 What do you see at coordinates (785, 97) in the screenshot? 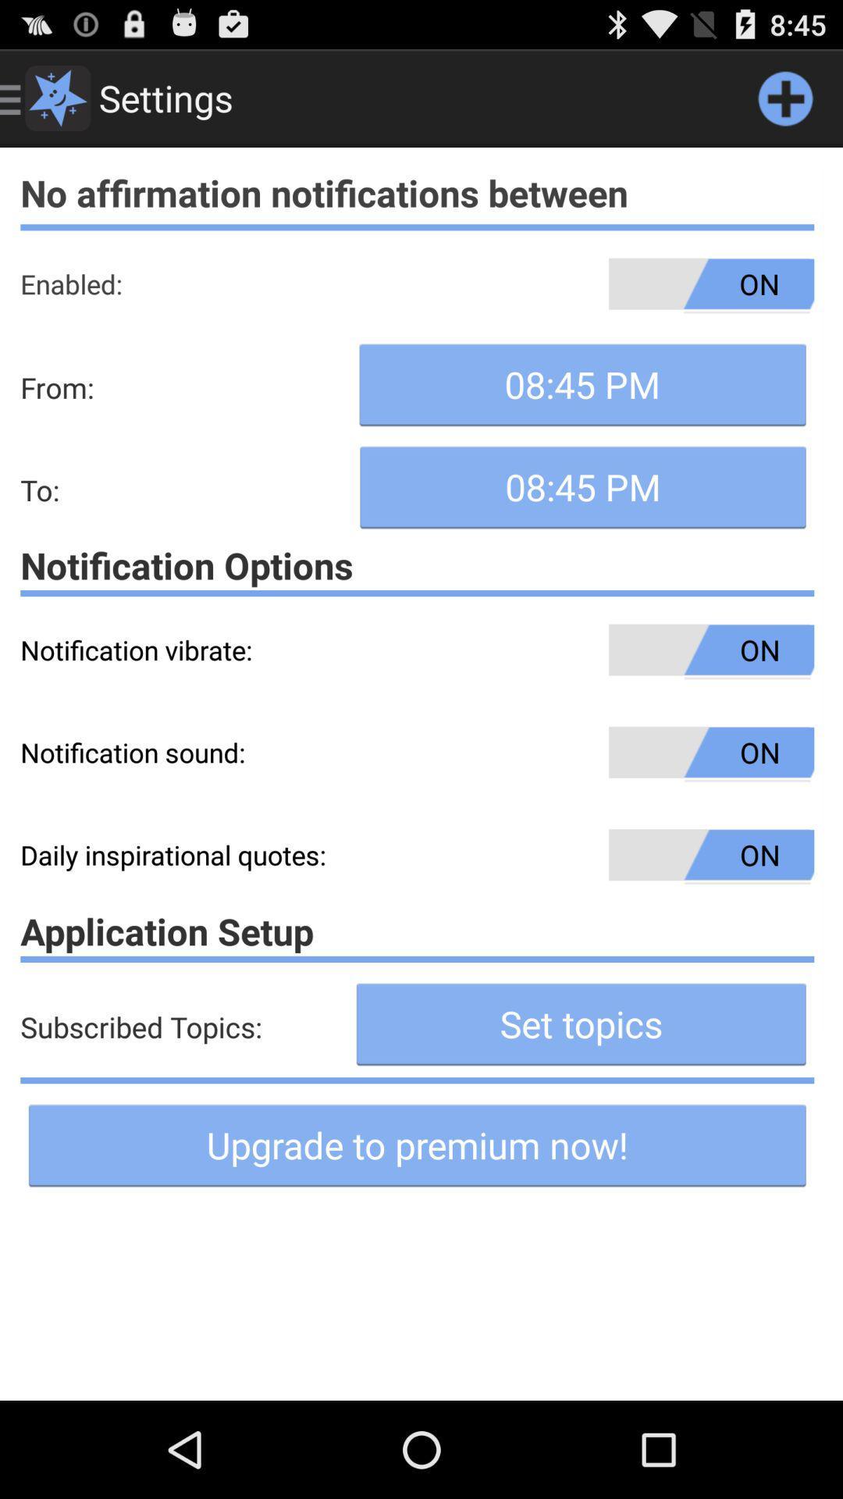
I see `notification` at bounding box center [785, 97].